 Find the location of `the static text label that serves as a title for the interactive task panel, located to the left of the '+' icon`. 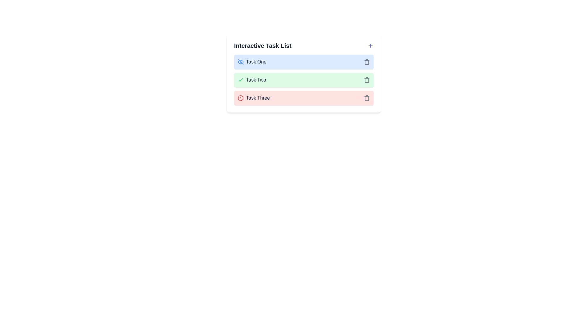

the static text label that serves as a title for the interactive task panel, located to the left of the '+' icon is located at coordinates (263, 45).